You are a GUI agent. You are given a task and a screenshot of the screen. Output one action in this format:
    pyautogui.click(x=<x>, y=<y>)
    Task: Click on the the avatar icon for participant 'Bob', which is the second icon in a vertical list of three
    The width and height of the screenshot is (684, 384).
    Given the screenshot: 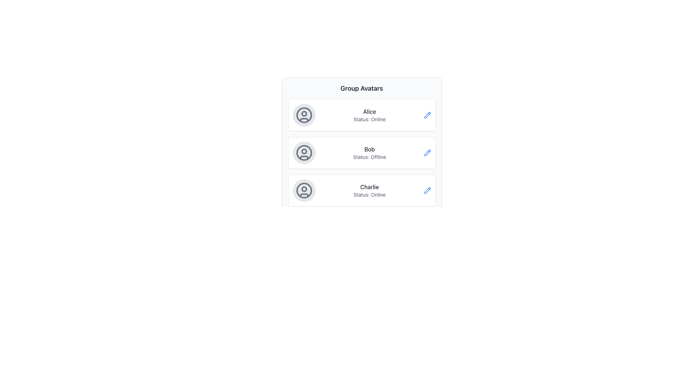 What is the action you would take?
    pyautogui.click(x=304, y=152)
    